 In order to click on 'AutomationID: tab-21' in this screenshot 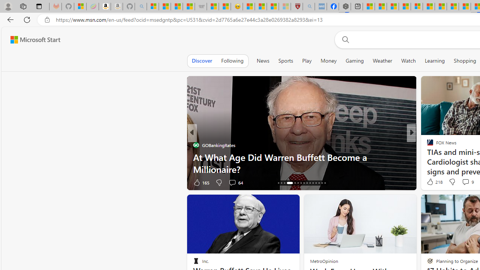, I will do `click(297, 183)`.